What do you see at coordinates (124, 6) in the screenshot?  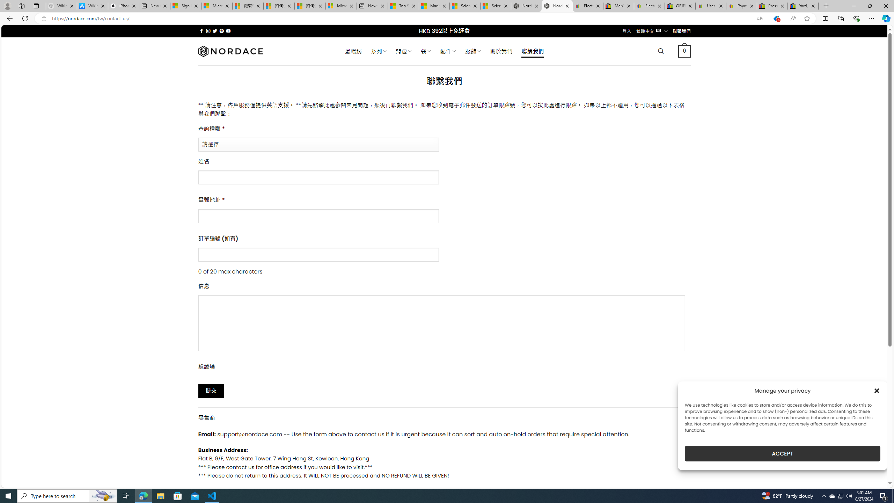 I see `'iPhone - Apple'` at bounding box center [124, 6].